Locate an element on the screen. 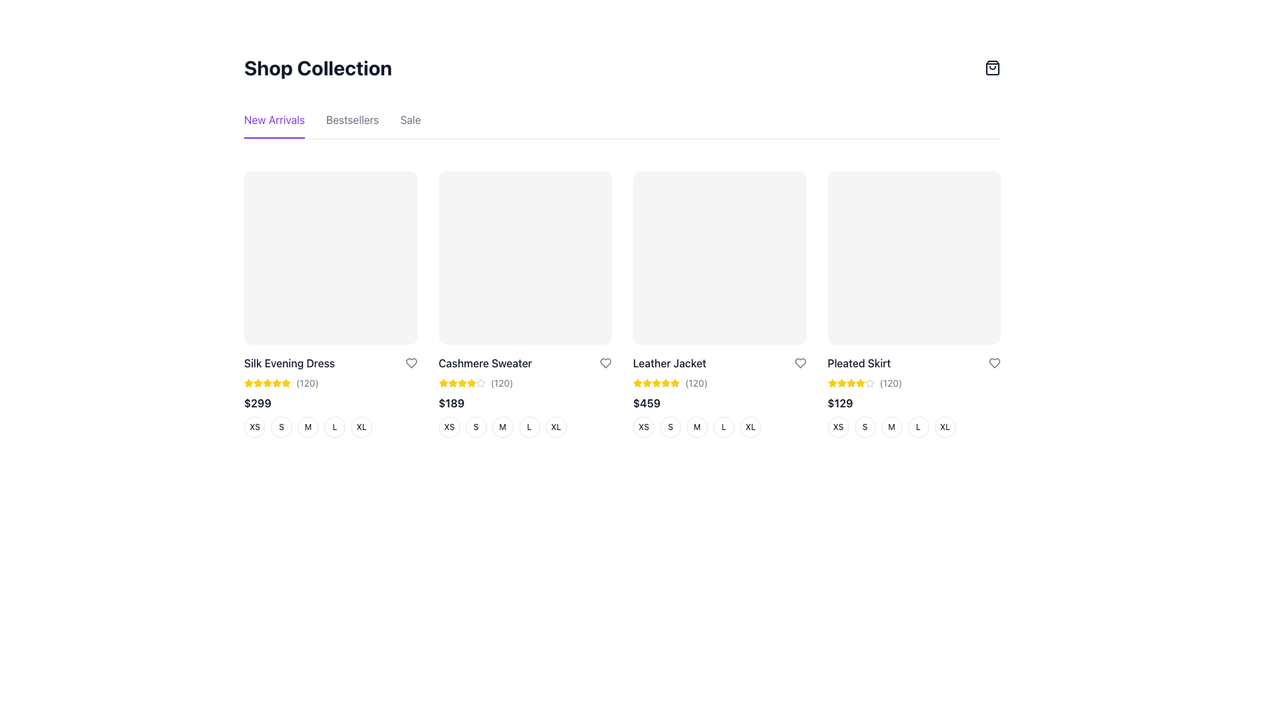 This screenshot has height=720, width=1281. the second star-shaped icon with a yellow fill and orange border in the rating system for 'Silk Evening Dress' to rate it is located at coordinates (267, 383).